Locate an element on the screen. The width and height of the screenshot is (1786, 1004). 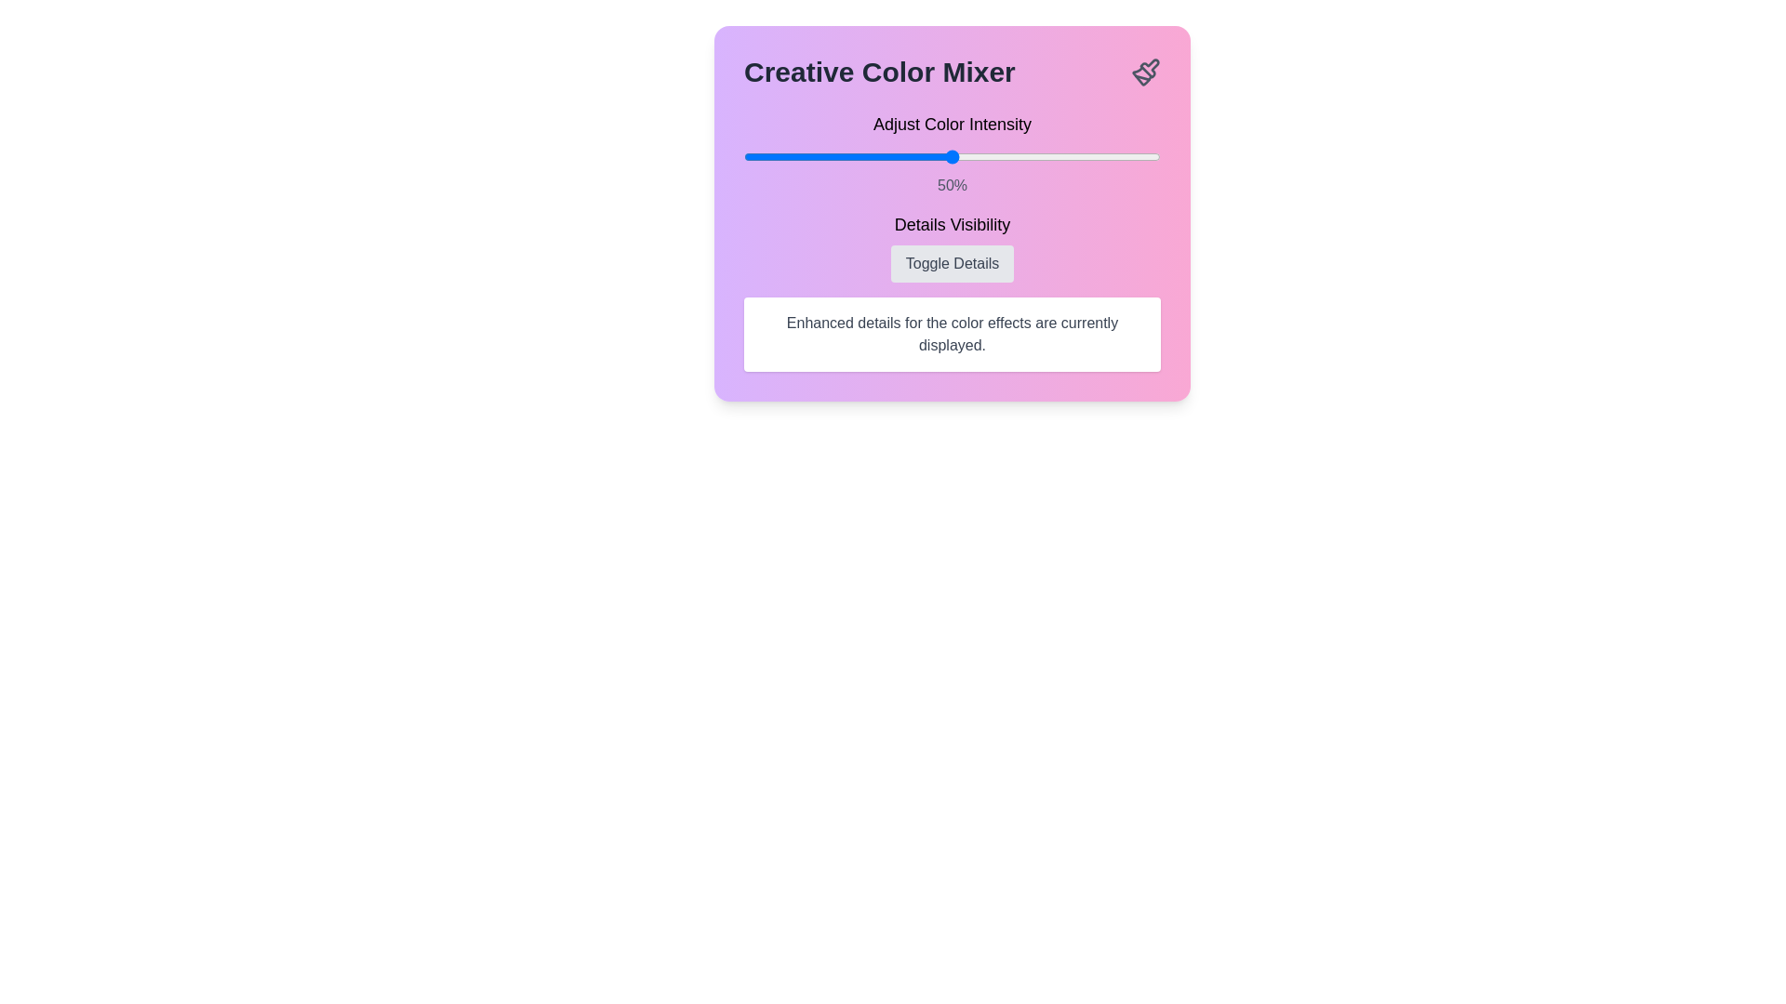
the static text label displaying '50%' in gray color, which is located below the slider for color intensity adjustment is located at coordinates (952, 186).